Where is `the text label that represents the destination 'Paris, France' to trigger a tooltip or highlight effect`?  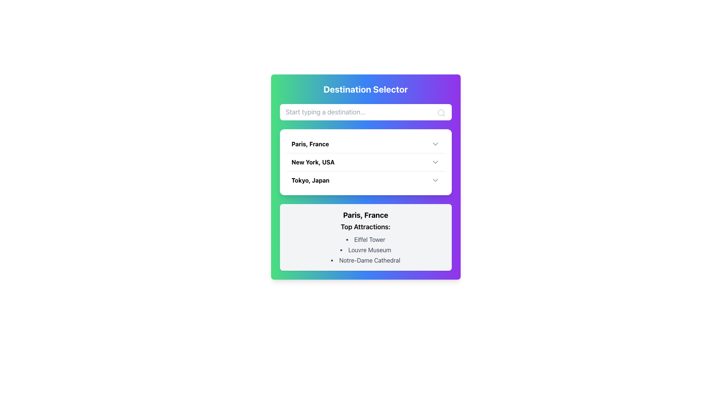
the text label that represents the destination 'Paris, France' to trigger a tooltip or highlight effect is located at coordinates (310, 144).